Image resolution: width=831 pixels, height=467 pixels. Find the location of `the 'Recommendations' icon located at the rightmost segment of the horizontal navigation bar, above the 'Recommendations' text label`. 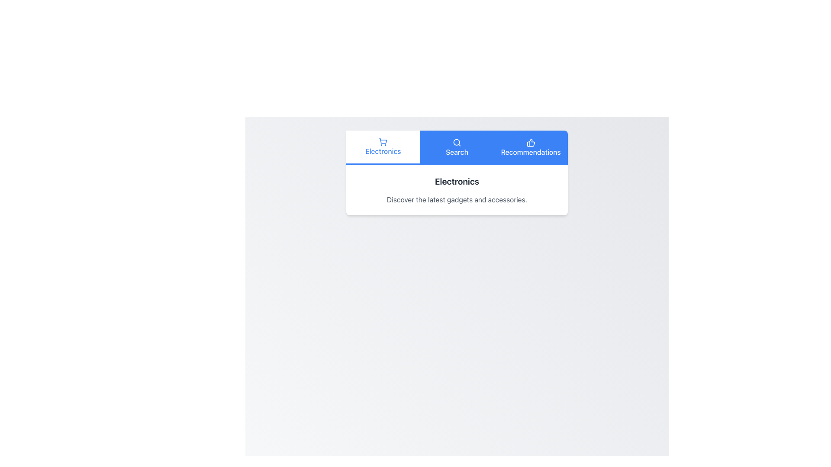

the 'Recommendations' icon located at the rightmost segment of the horizontal navigation bar, above the 'Recommendations' text label is located at coordinates (530, 142).